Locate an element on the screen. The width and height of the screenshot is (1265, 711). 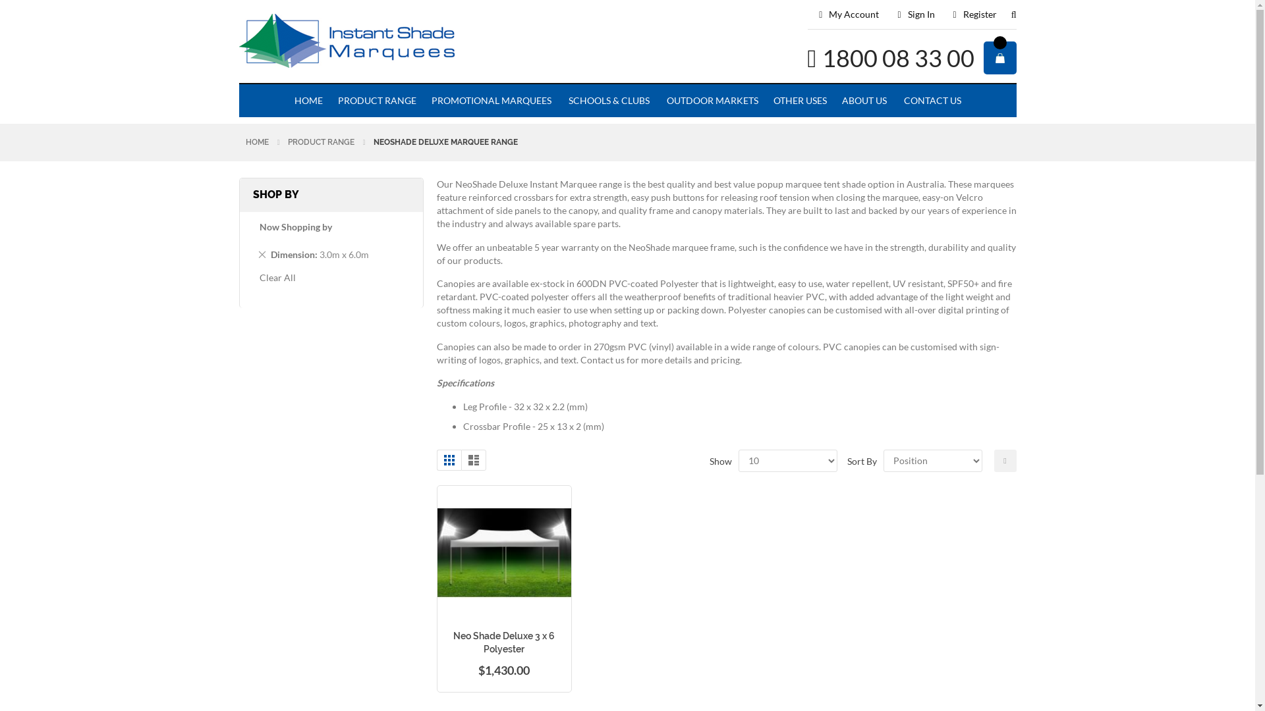
'Sign In' is located at coordinates (915, 14).